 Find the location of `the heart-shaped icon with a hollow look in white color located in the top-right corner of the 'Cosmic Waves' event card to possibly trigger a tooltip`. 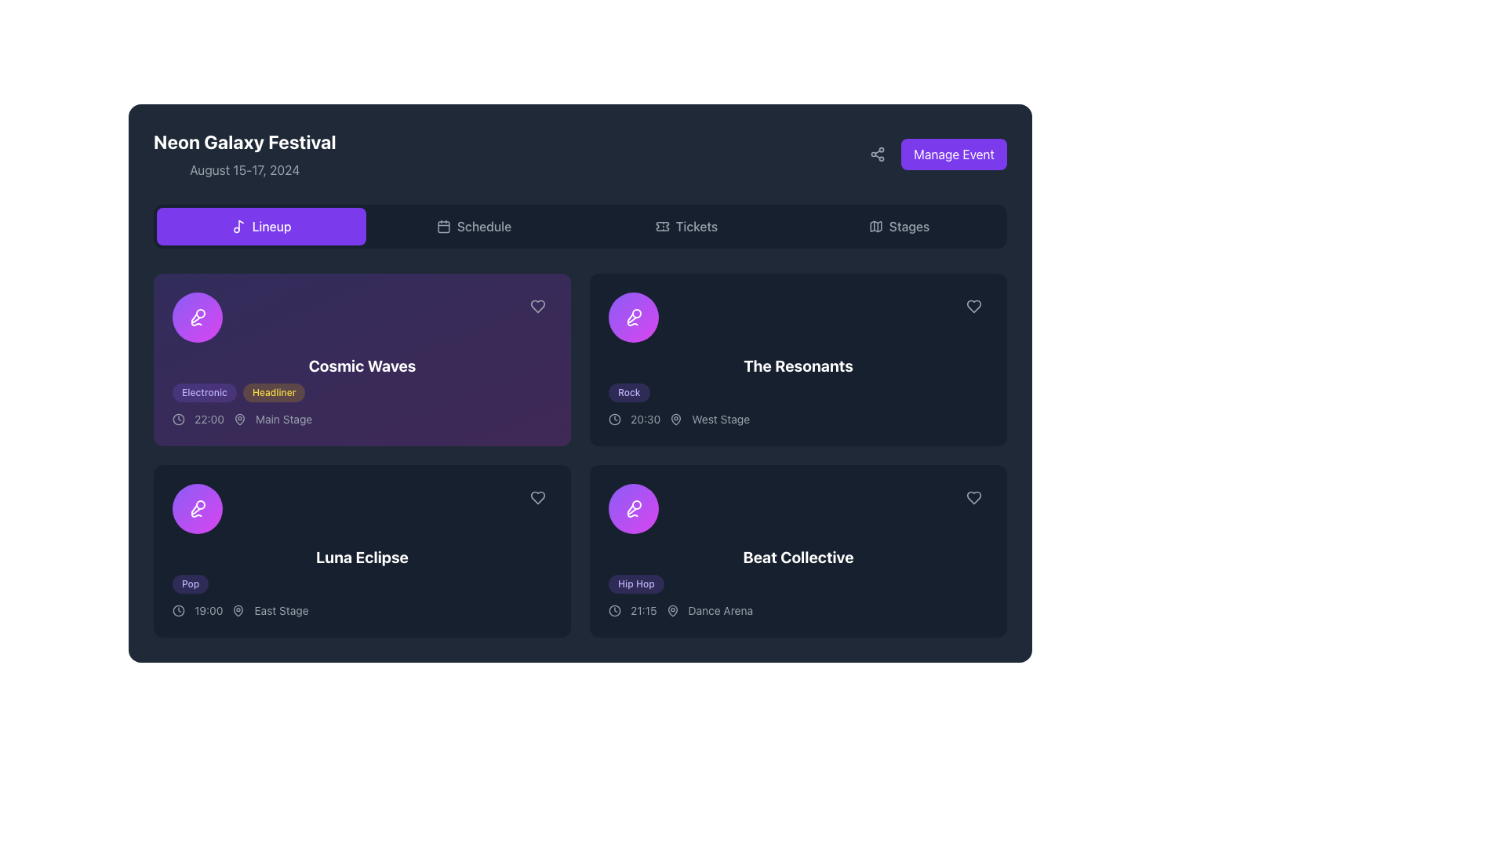

the heart-shaped icon with a hollow look in white color located in the top-right corner of the 'Cosmic Waves' event card to possibly trigger a tooltip is located at coordinates (538, 306).